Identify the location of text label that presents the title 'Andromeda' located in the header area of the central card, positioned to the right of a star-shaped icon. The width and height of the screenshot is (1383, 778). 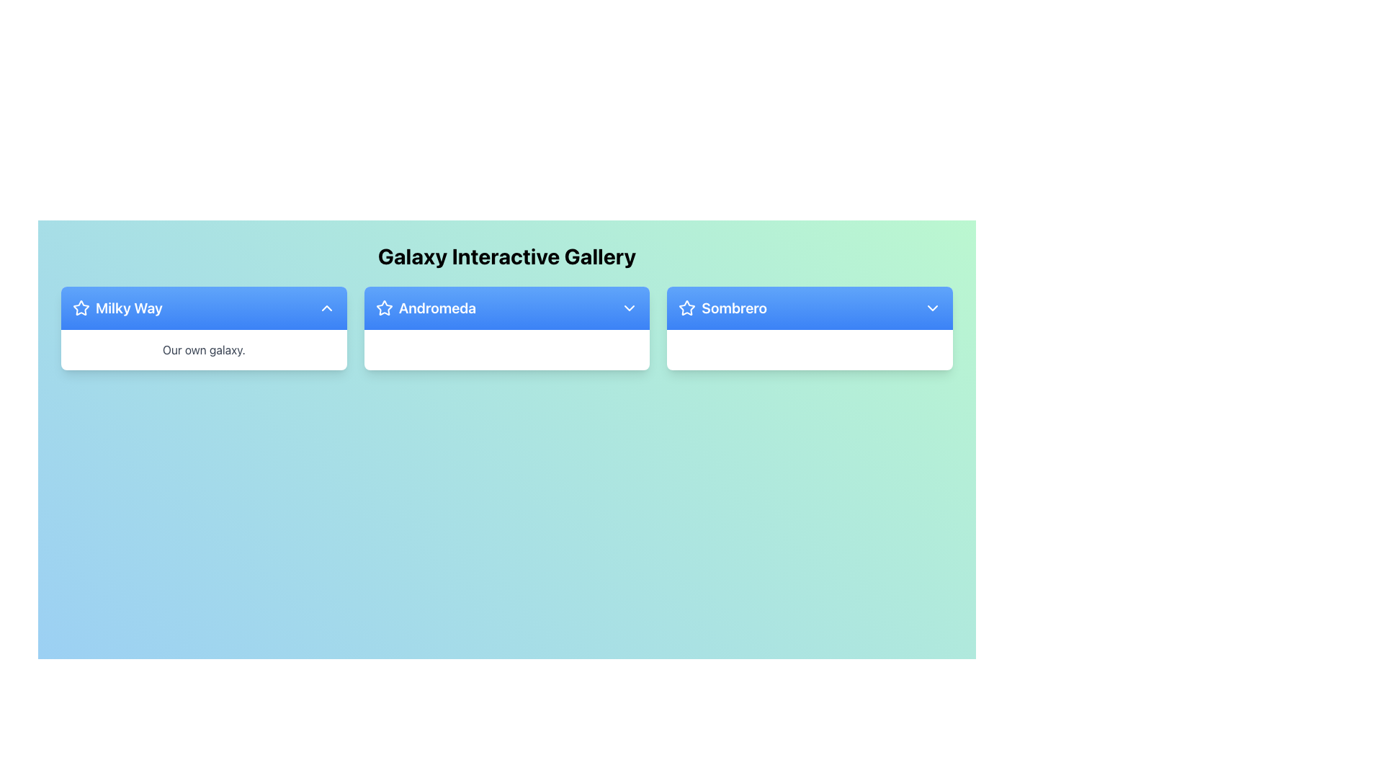
(425, 308).